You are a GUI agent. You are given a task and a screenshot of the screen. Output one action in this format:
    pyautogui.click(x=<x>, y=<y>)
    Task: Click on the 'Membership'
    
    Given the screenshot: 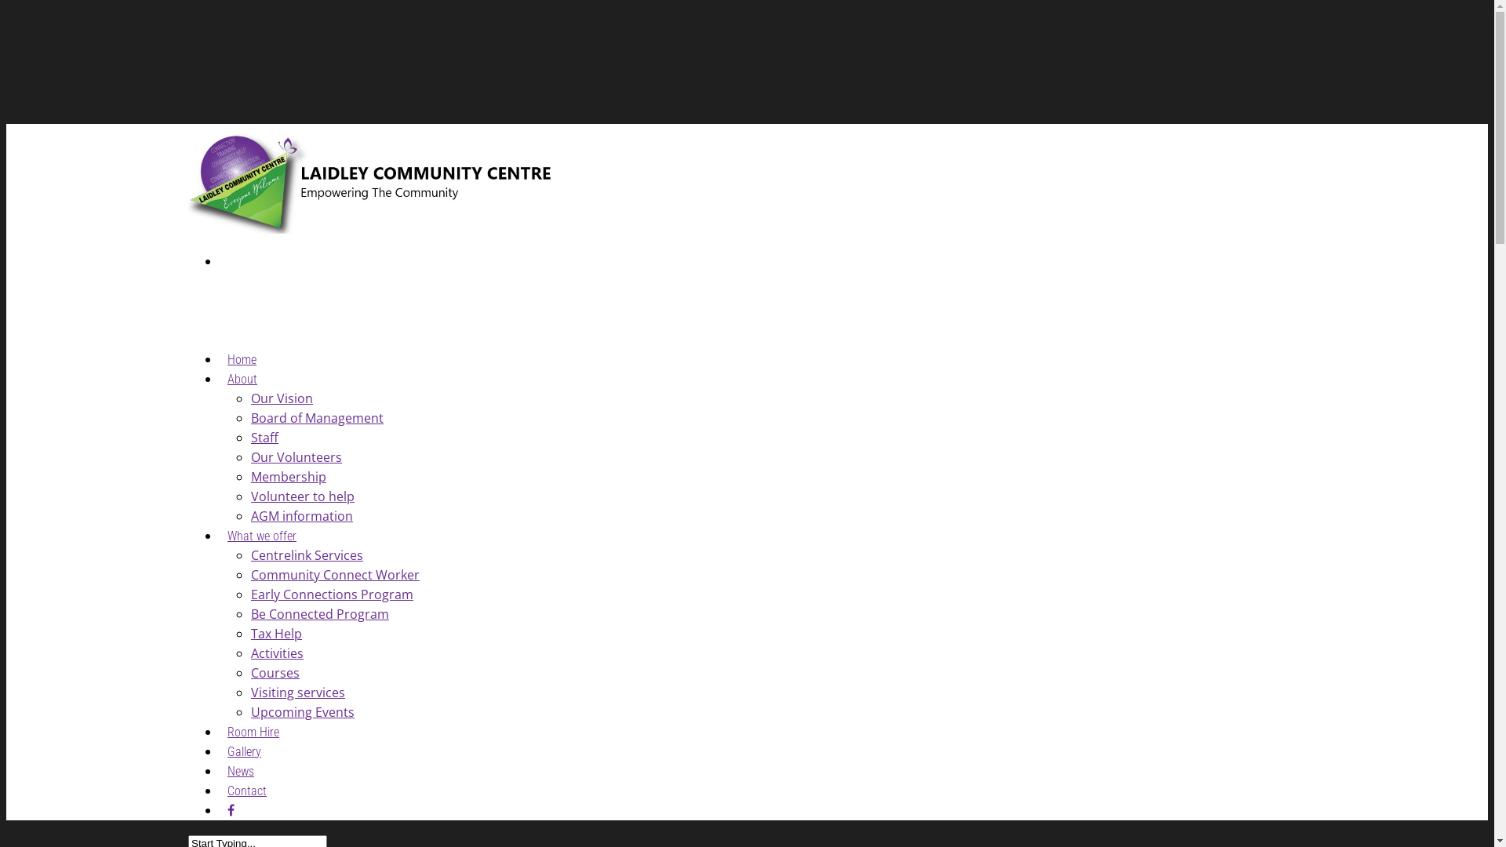 What is the action you would take?
    pyautogui.click(x=289, y=476)
    